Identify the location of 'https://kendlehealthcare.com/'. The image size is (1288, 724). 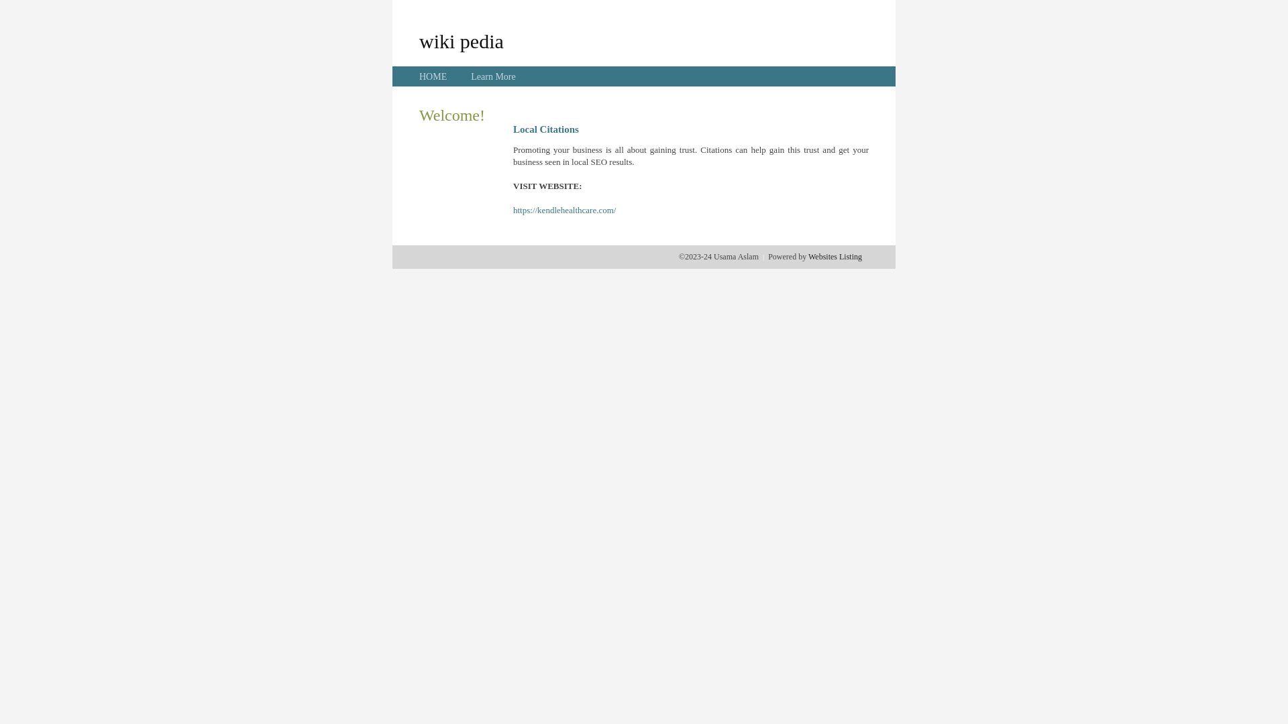
(512, 210).